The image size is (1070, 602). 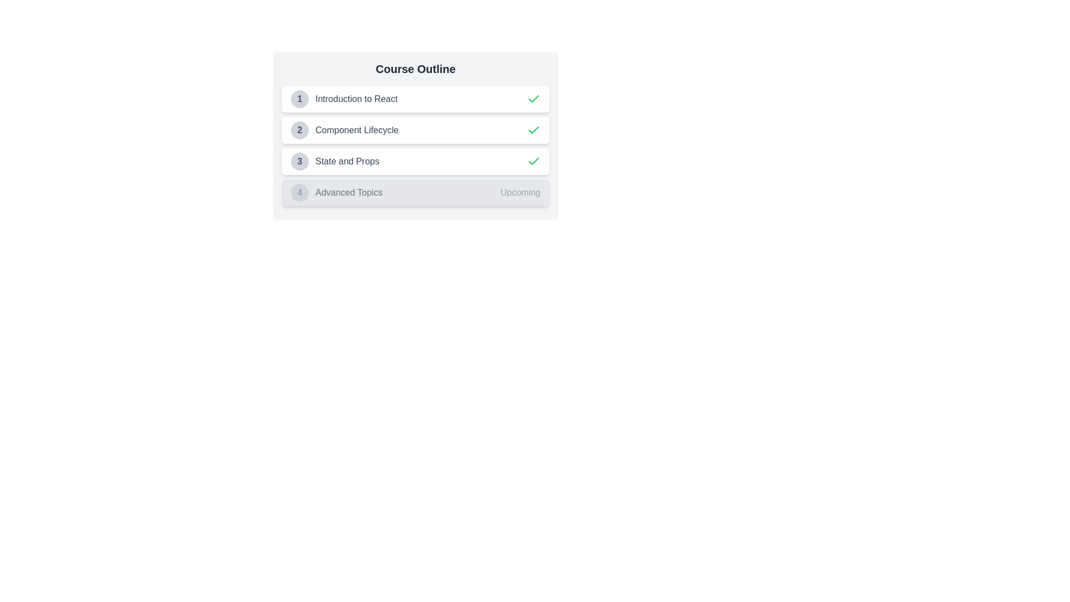 I want to click on the completion status of the Status Indicator Icon located to the right of 'Introduction to React' in the Course Outline, so click(x=533, y=129).